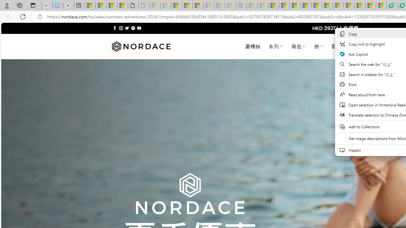 The image size is (406, 228). I want to click on 'Microsoft Services Agreement - Sleeping', so click(166, 5).